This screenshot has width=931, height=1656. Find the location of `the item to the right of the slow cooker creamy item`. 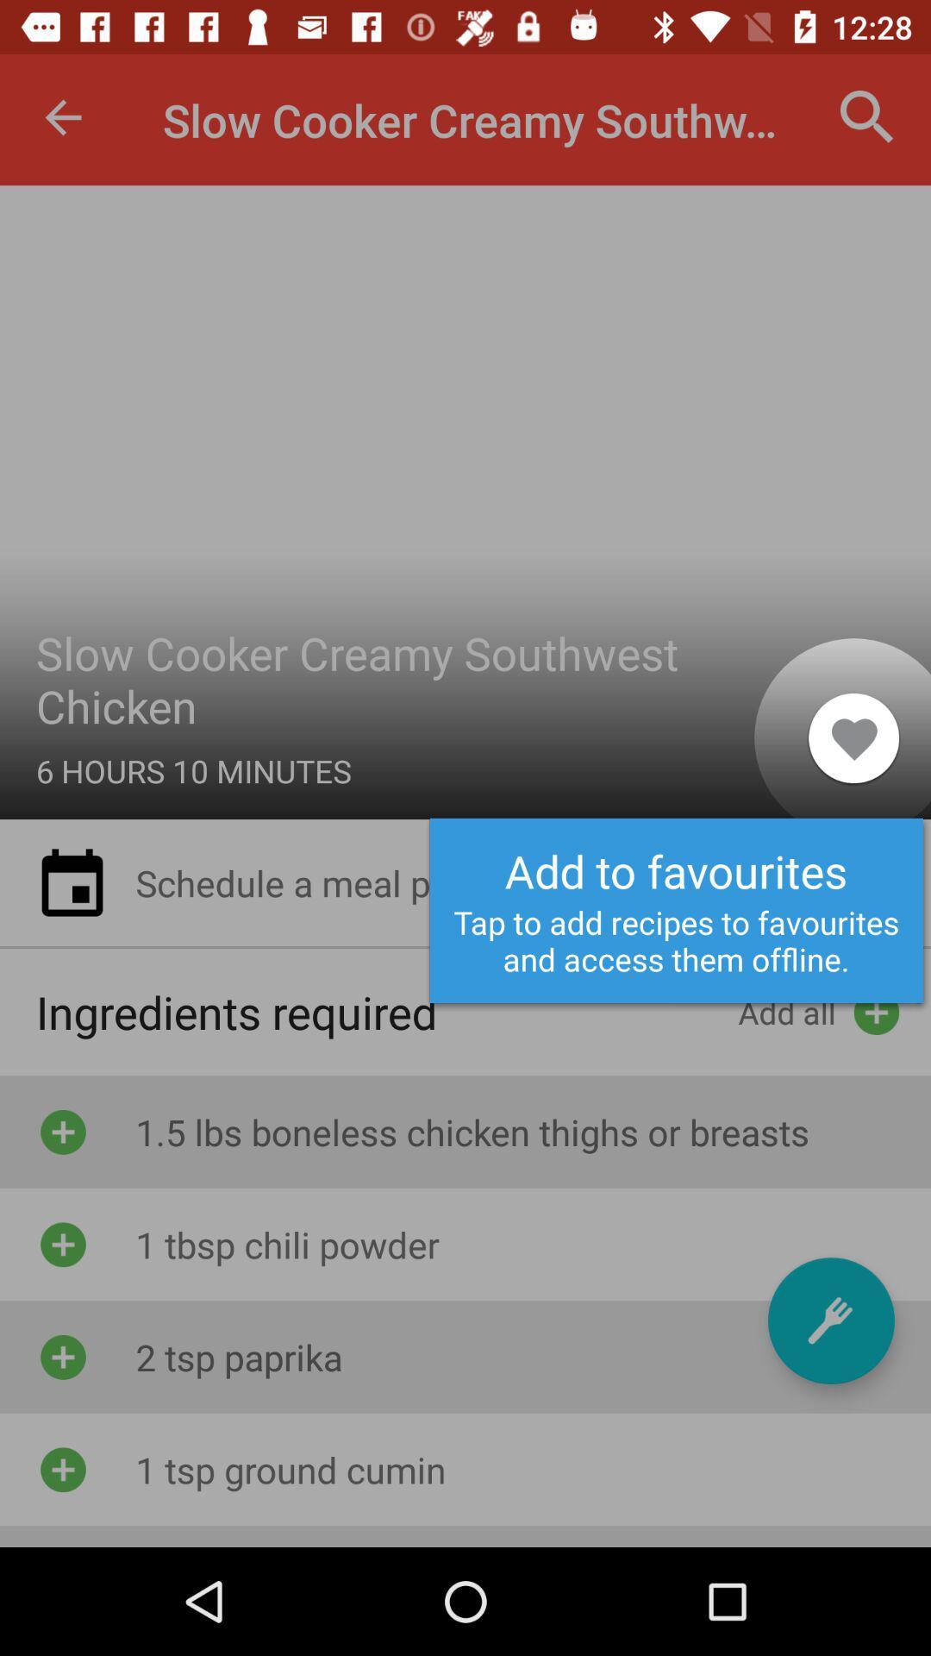

the item to the right of the slow cooker creamy item is located at coordinates (853, 737).